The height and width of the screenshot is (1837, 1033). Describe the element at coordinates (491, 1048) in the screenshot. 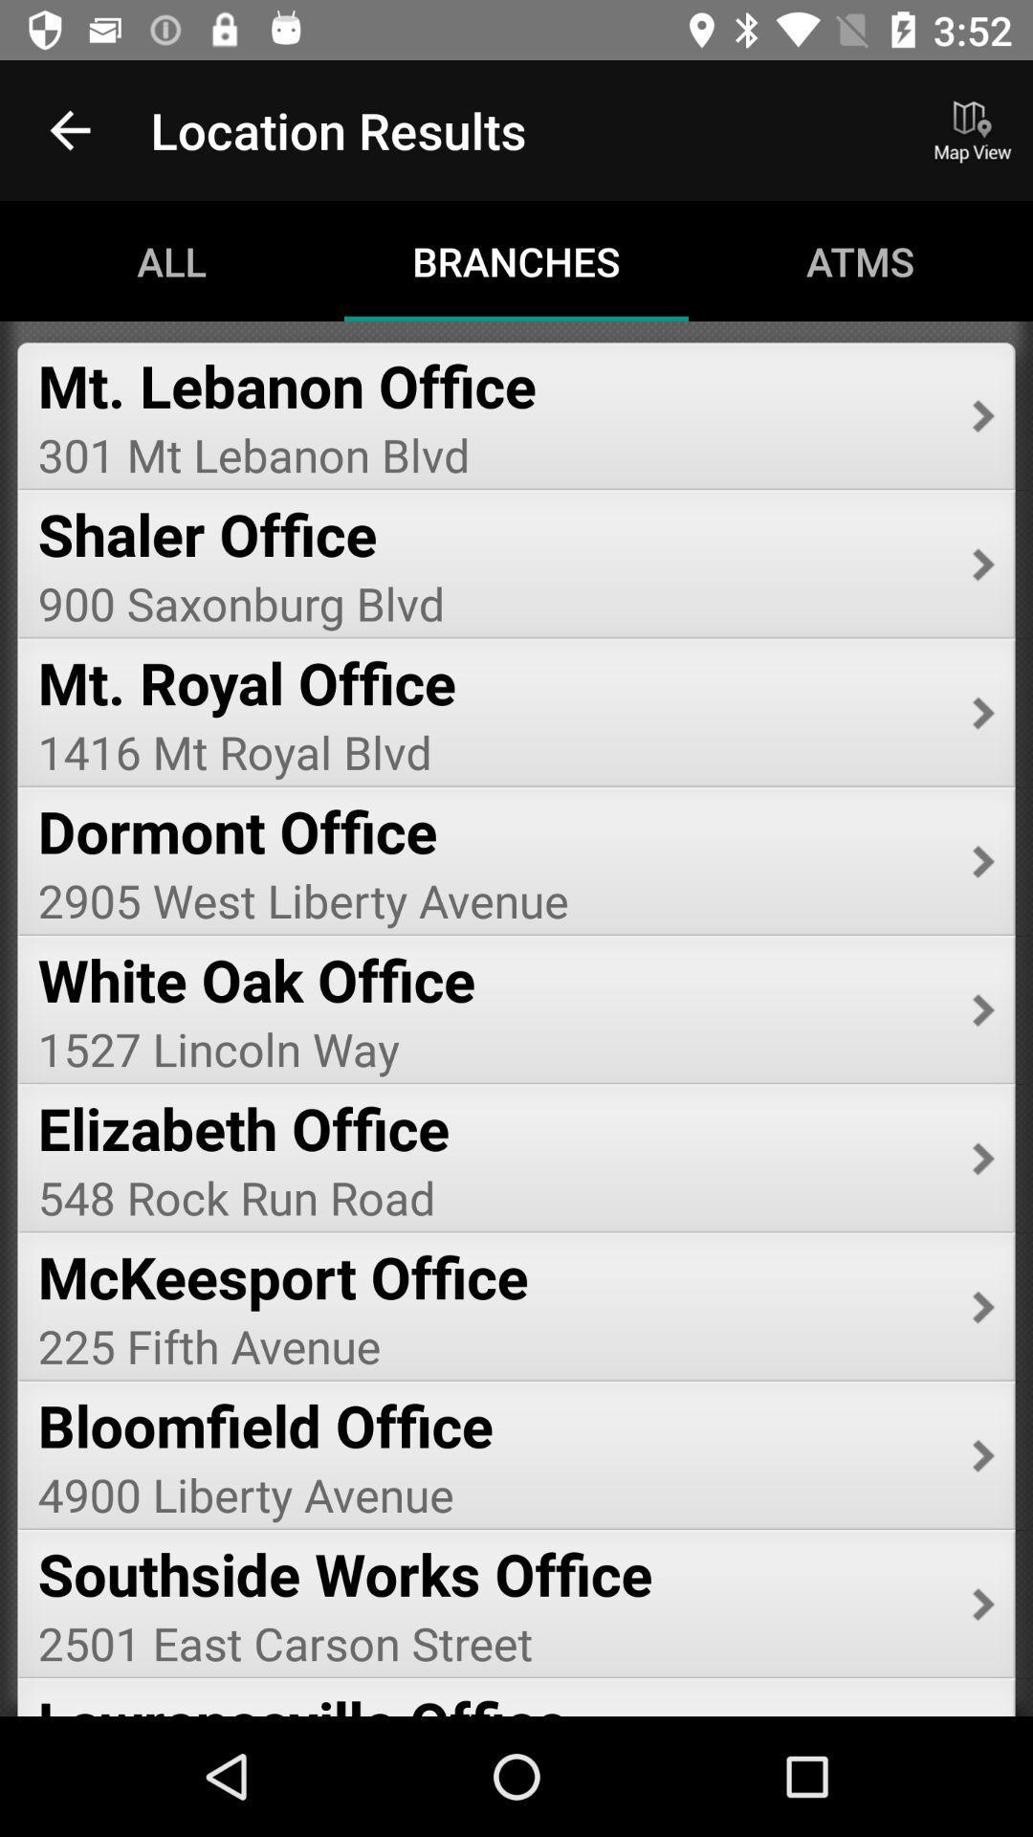

I see `the 1527 lincoln way` at that location.